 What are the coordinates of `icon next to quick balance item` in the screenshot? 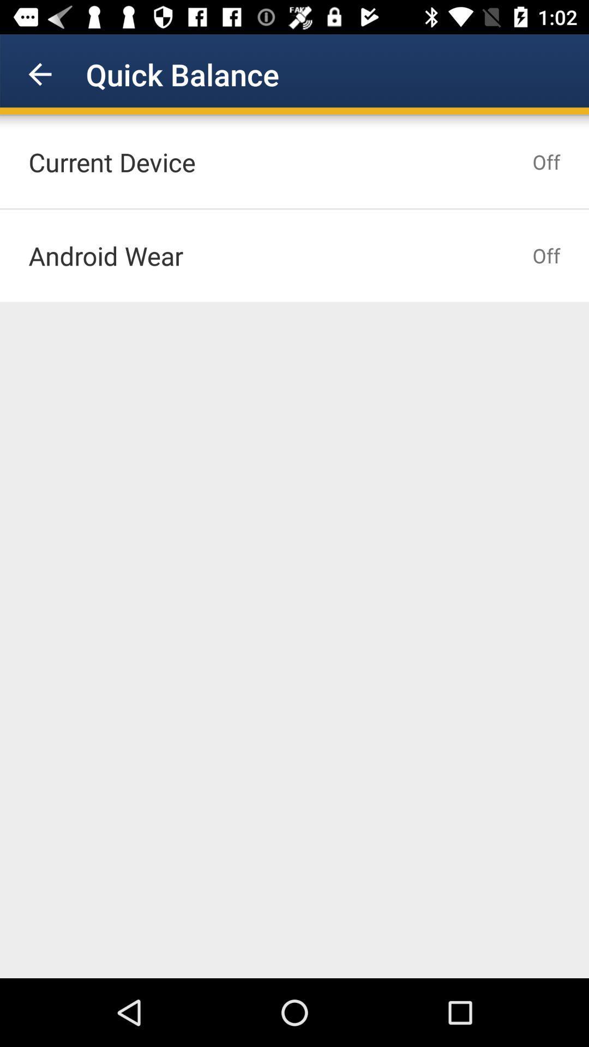 It's located at (39, 74).